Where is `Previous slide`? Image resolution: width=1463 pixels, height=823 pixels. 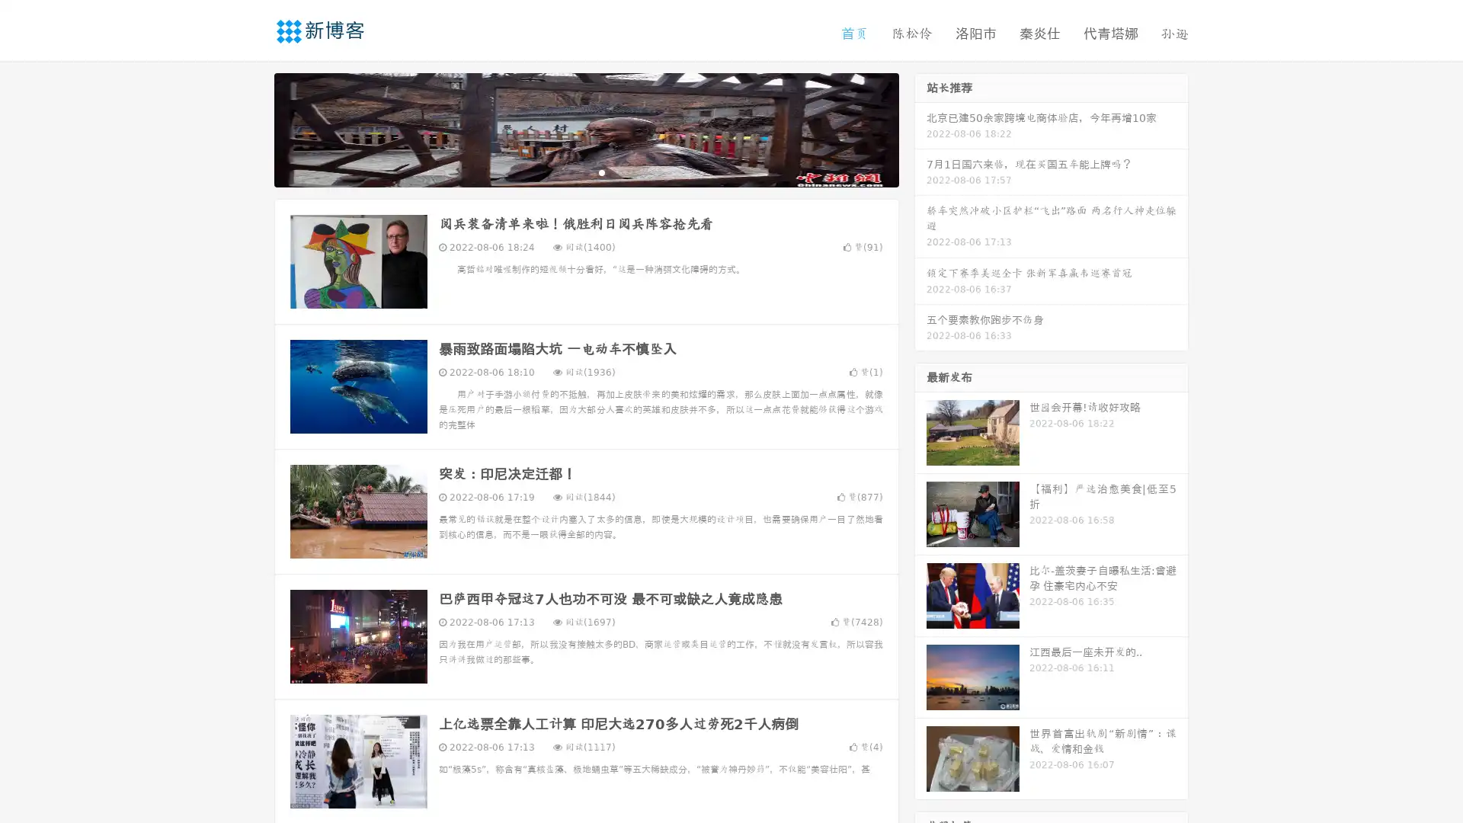 Previous slide is located at coordinates (251, 128).